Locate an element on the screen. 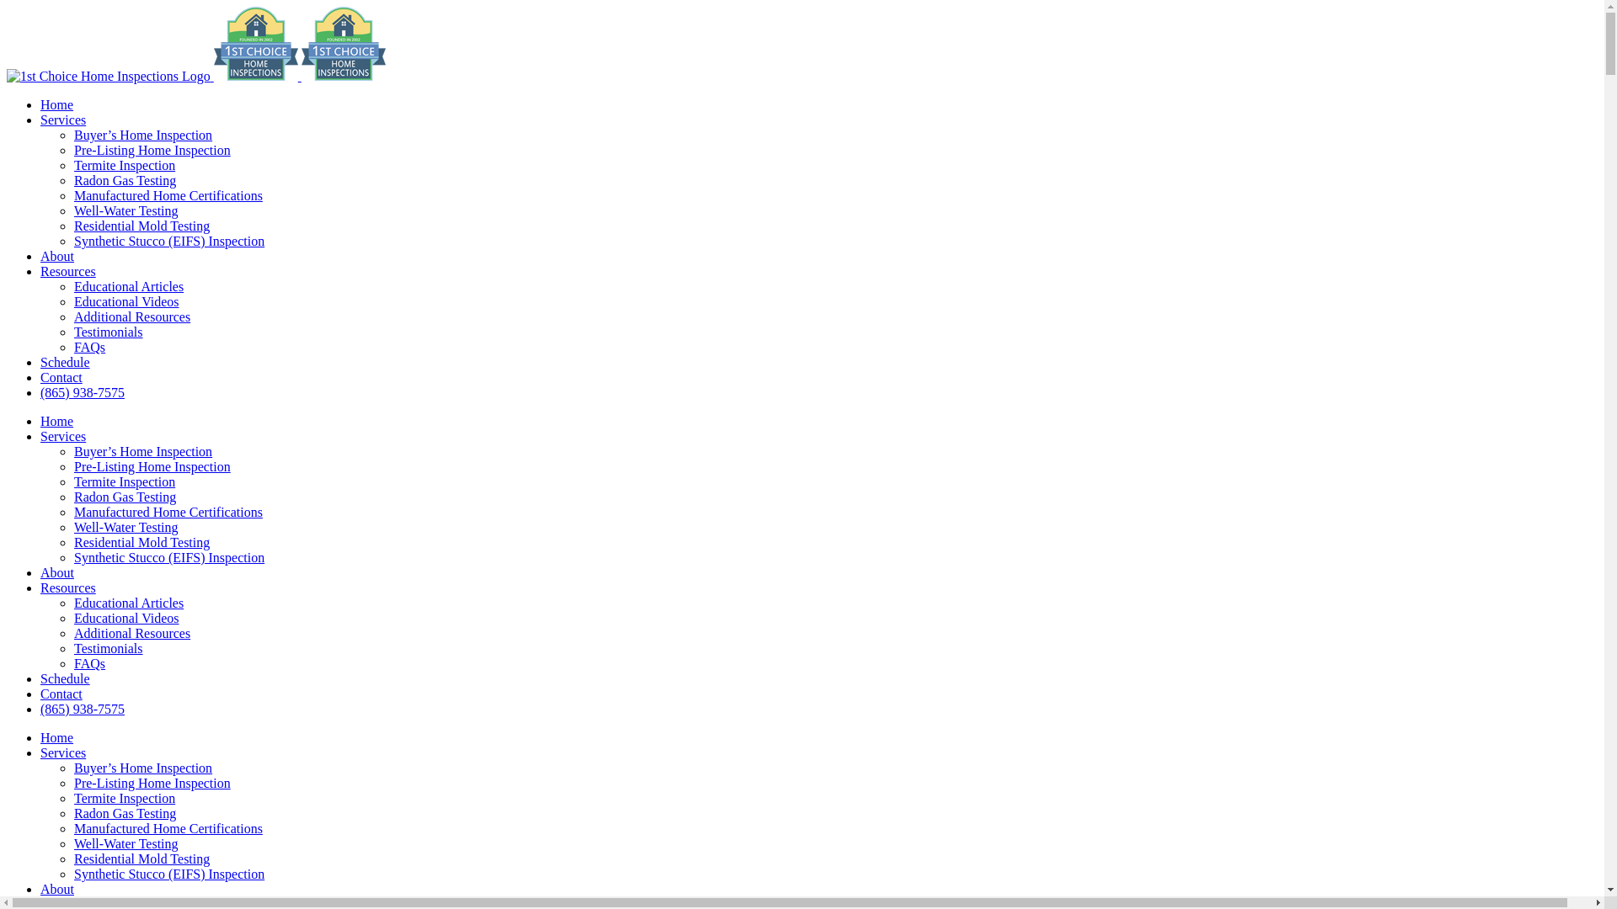 Image resolution: width=1617 pixels, height=909 pixels. 'FAQs' is located at coordinates (88, 662).